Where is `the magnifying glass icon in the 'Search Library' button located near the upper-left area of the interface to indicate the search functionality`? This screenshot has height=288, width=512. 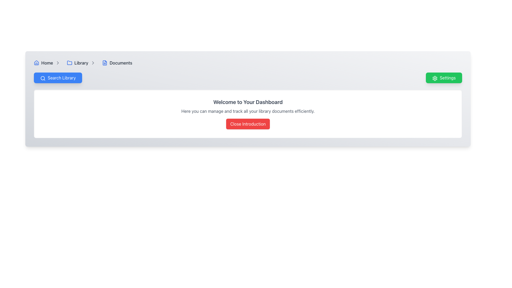 the magnifying glass icon in the 'Search Library' button located near the upper-left area of the interface to indicate the search functionality is located at coordinates (43, 78).